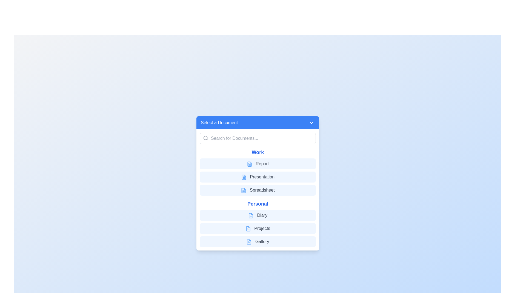  Describe the element at coordinates (249, 164) in the screenshot. I see `the document icon with a blue outline located to the left of the 'Report' text` at that location.